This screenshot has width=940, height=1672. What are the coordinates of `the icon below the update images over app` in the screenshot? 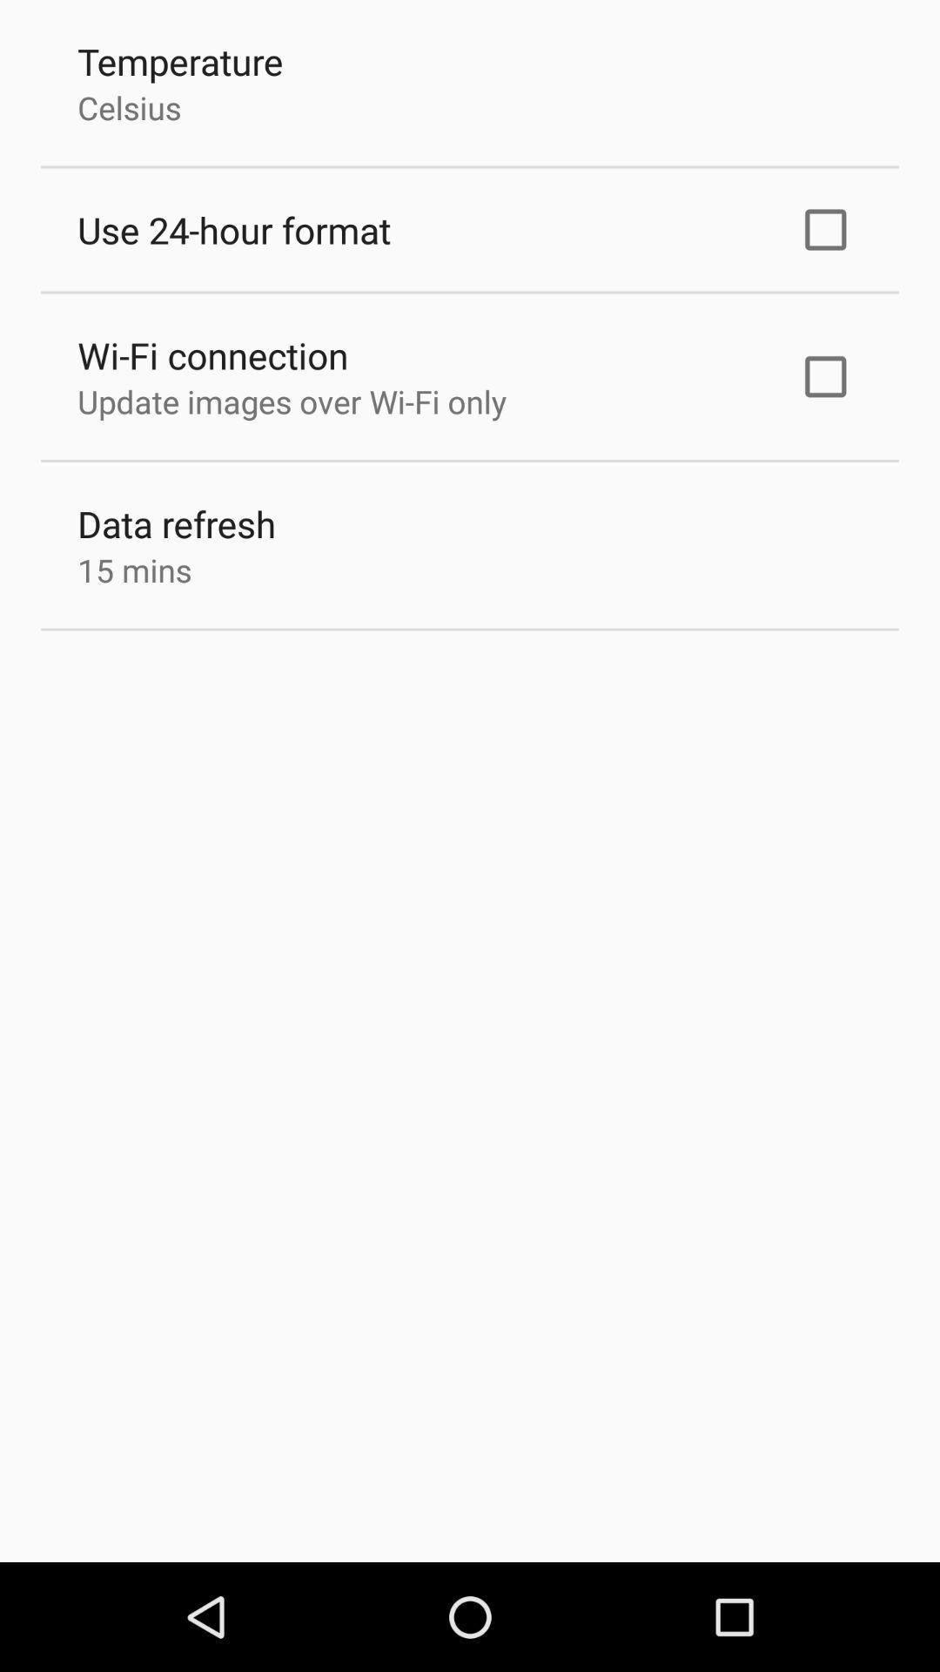 It's located at (177, 522).